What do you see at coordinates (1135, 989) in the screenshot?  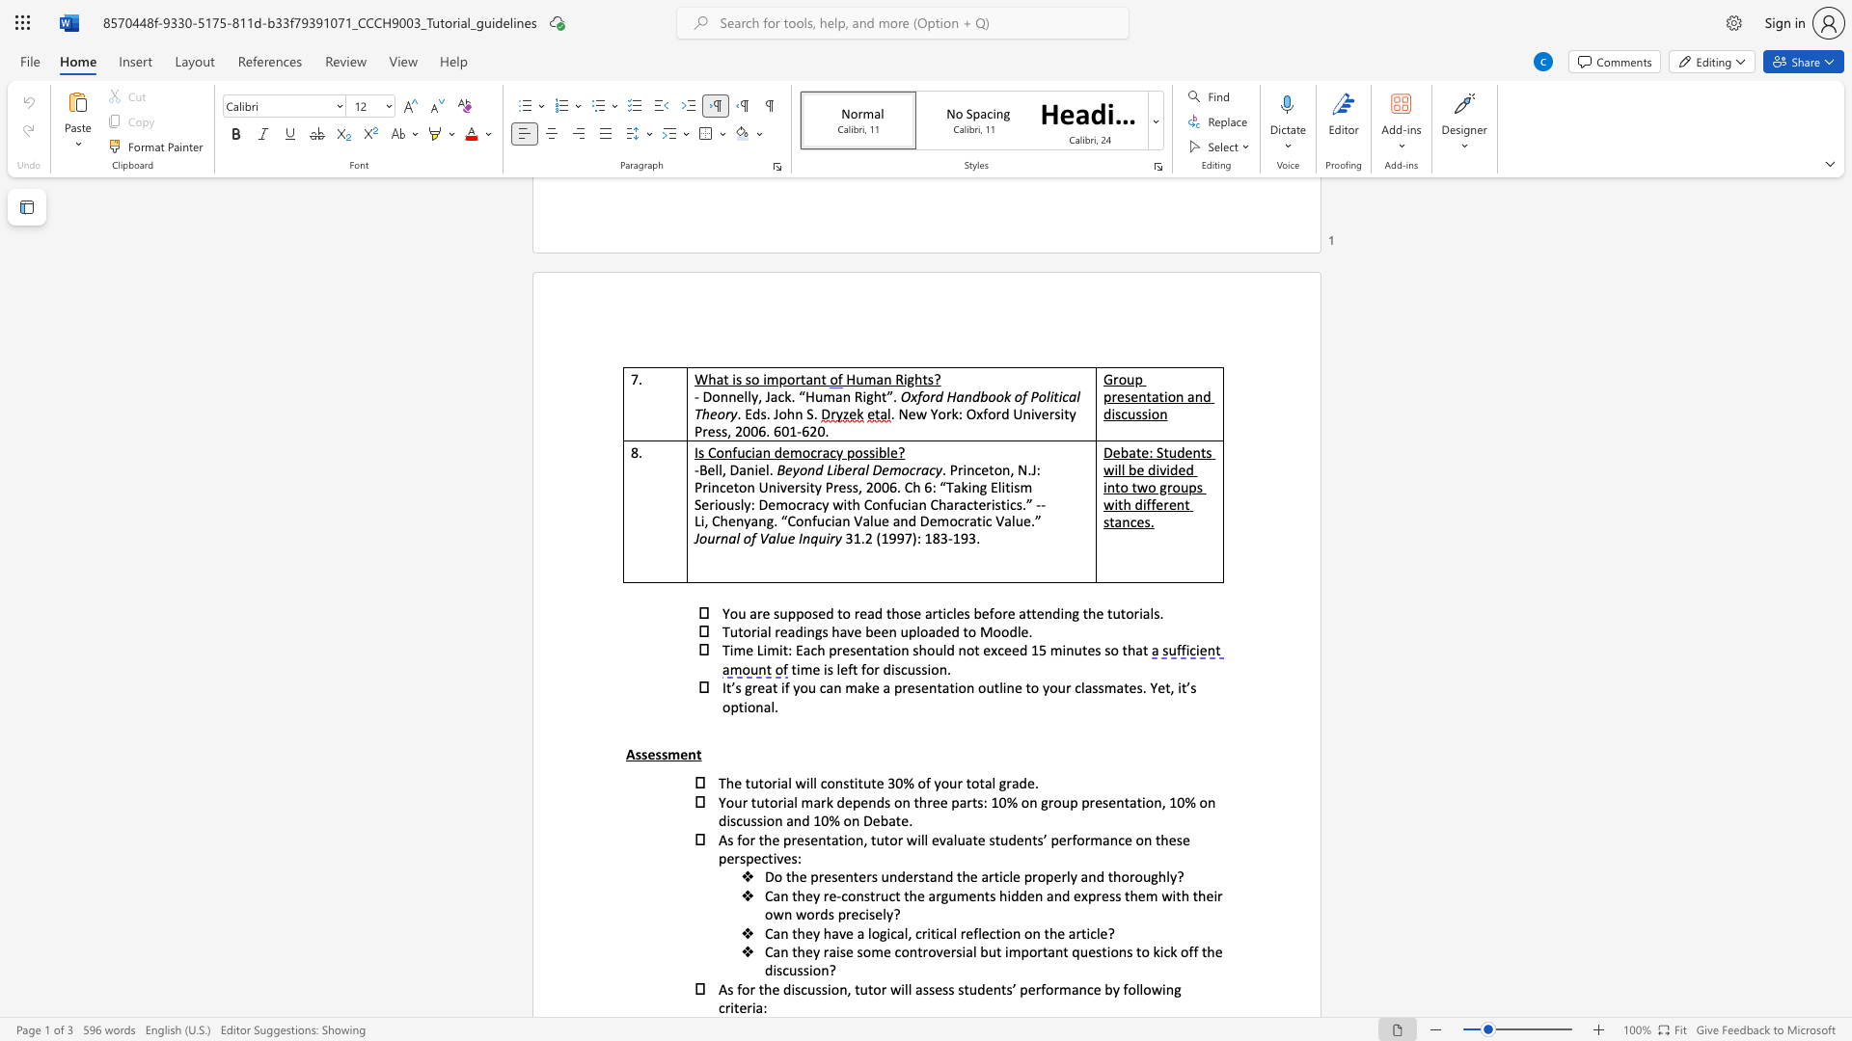 I see `the subset text "llowing c" within the text "As for the discussion, tutor will assess students’ performance by following criteria:"` at bounding box center [1135, 989].